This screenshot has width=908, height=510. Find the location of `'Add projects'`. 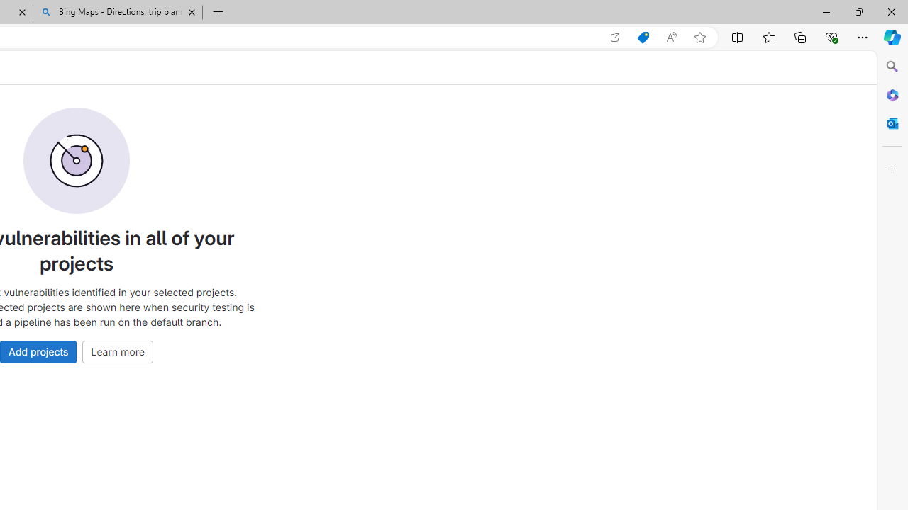

'Add projects' is located at coordinates (38, 351).